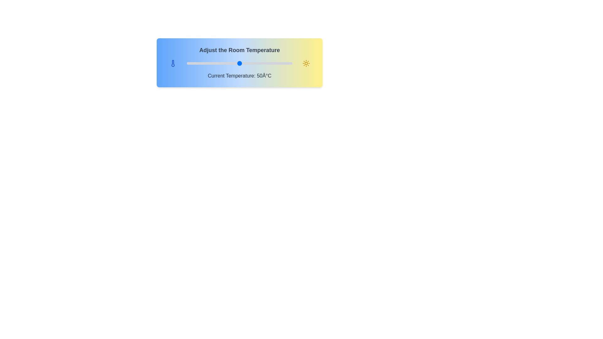 This screenshot has height=339, width=603. What do you see at coordinates (247, 63) in the screenshot?
I see `the temperature slider to 57°C` at bounding box center [247, 63].